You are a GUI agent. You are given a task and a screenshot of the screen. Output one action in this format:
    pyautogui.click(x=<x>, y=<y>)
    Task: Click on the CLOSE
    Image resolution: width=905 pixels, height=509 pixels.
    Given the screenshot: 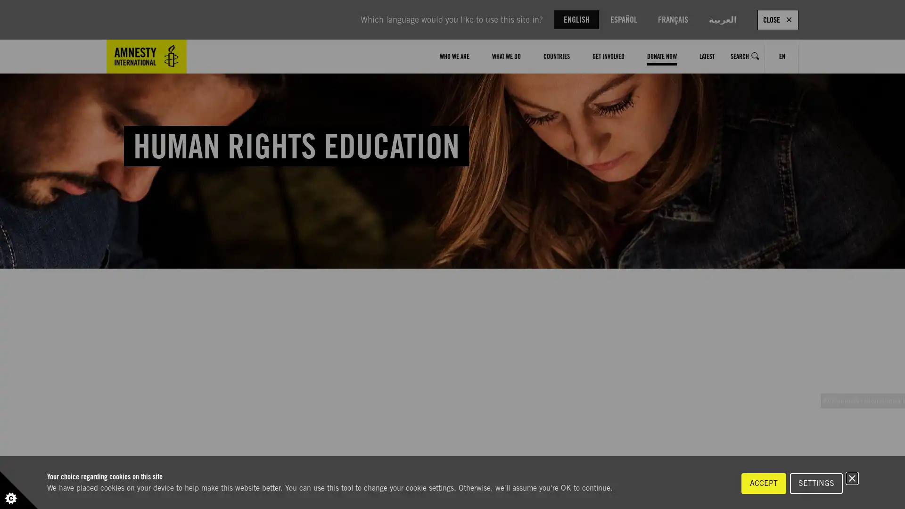 What is the action you would take?
    pyautogui.click(x=778, y=19)
    